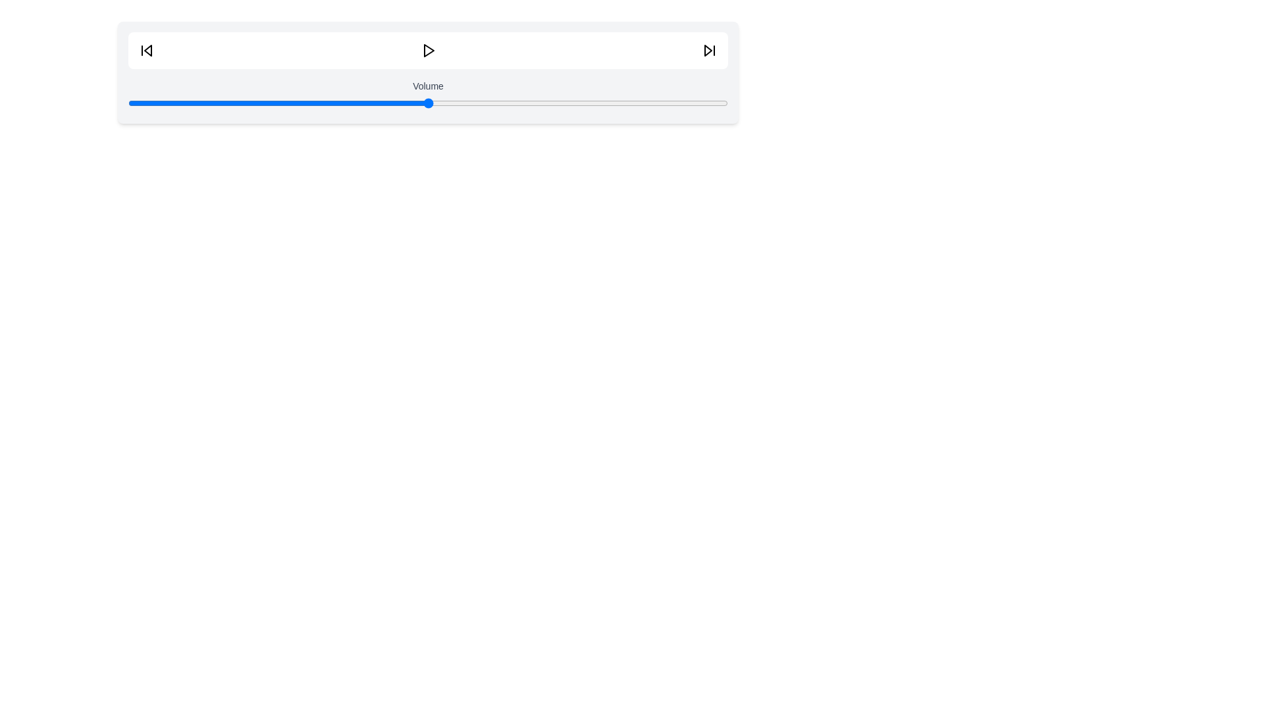 The width and height of the screenshot is (1264, 711). Describe the element at coordinates (271, 103) in the screenshot. I see `the volume level` at that location.